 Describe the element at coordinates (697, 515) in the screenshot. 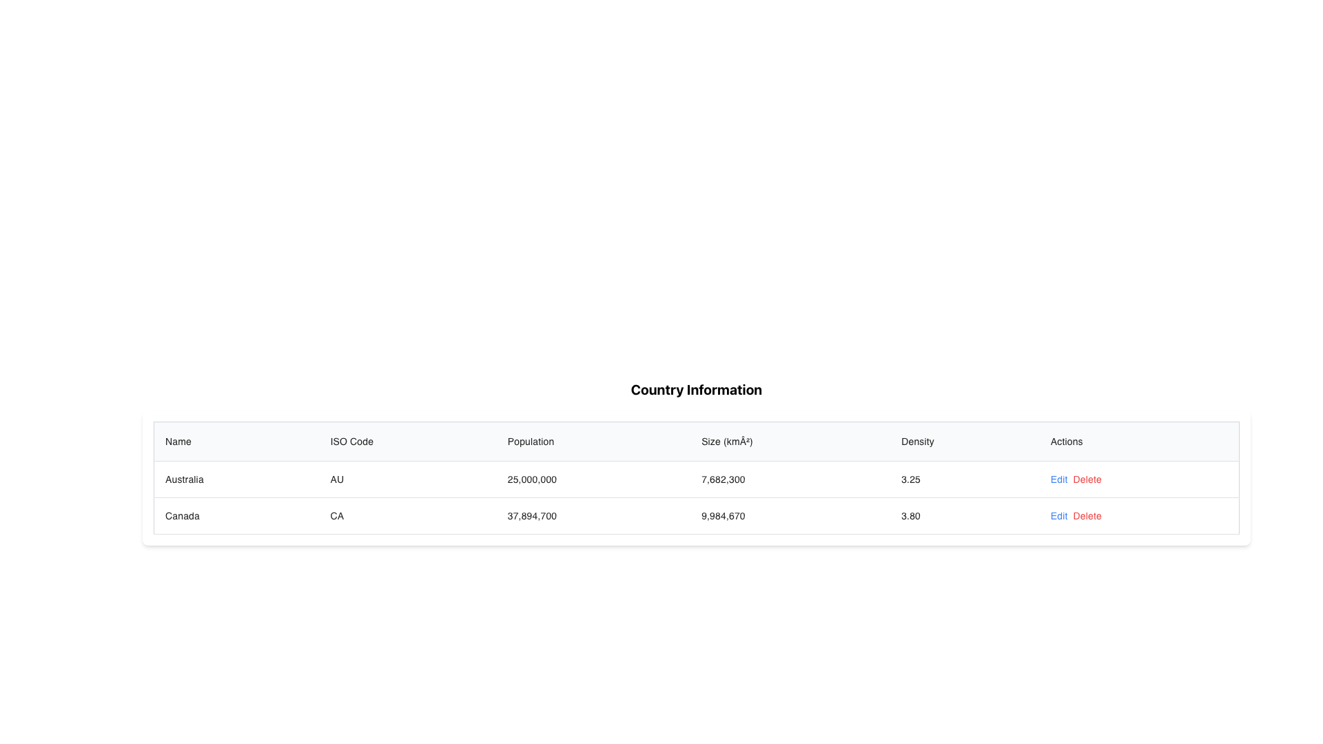

I see `the second row in the table containing the data for 'Canada', which is located below the row for 'Australia' in the 'Country Information' section` at that location.